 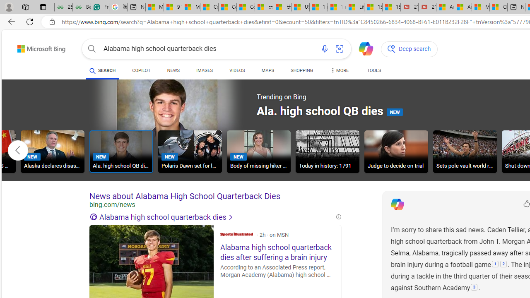 What do you see at coordinates (173, 71) in the screenshot?
I see `'NEWS'` at bounding box center [173, 71].